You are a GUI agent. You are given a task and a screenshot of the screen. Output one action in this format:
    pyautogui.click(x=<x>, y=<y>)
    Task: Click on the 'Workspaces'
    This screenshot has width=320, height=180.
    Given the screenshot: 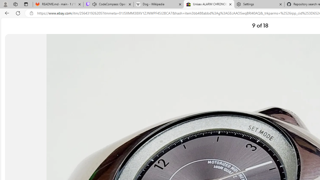 What is the action you would take?
    pyautogui.click(x=15, y=4)
    